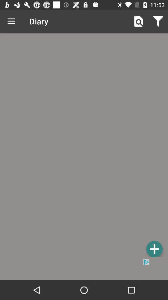  Describe the element at coordinates (154, 249) in the screenshot. I see `to this screen` at that location.